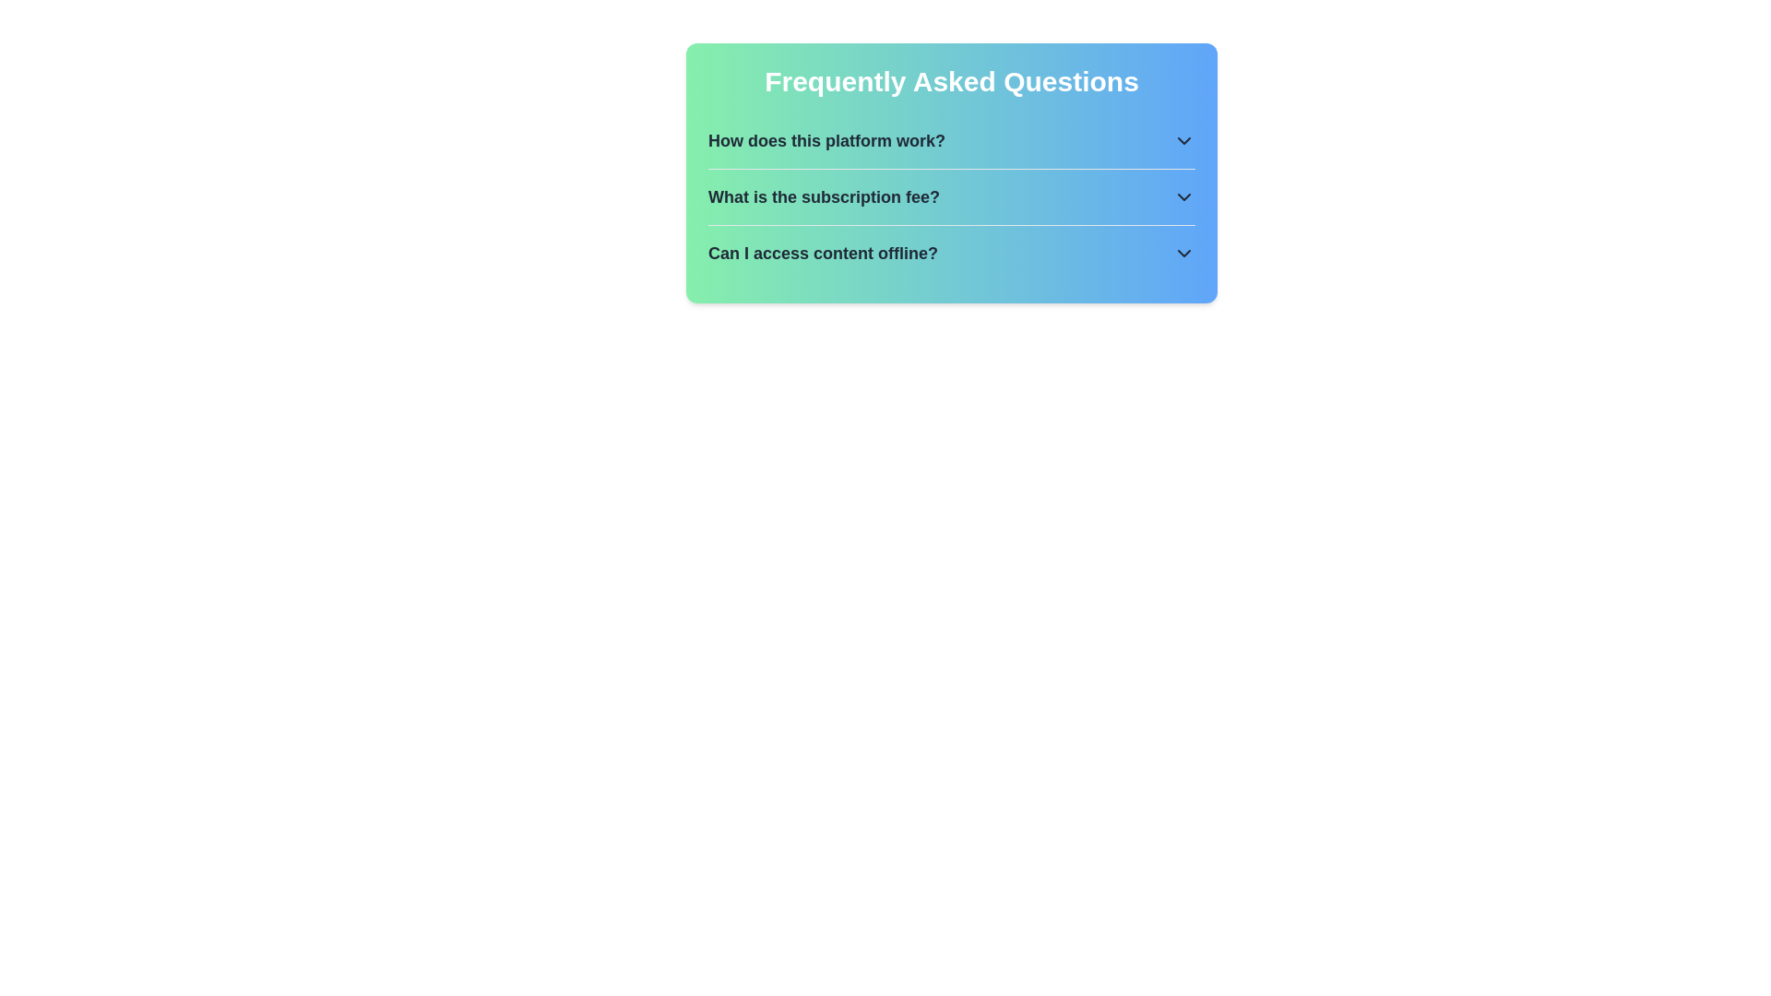  I want to click on the text label that reads 'What is the subscription fee?' located in the FAQ section for emphasis, so click(823, 196).